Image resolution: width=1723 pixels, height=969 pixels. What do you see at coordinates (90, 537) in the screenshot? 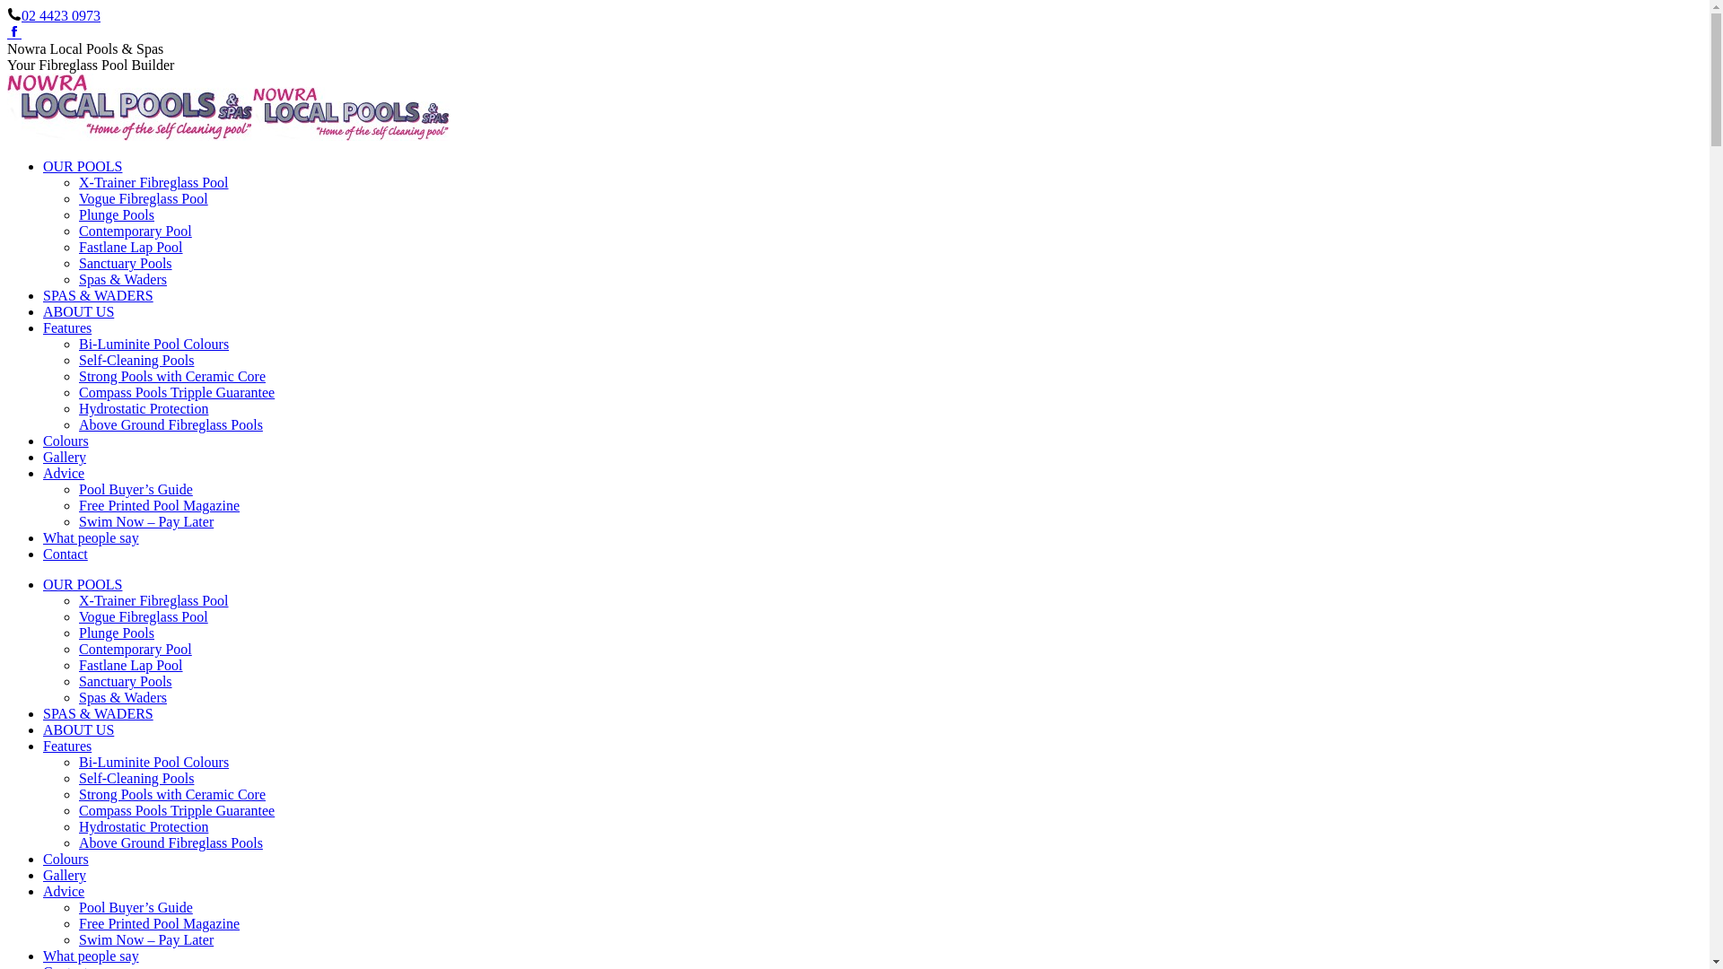
I see `'What people say'` at bounding box center [90, 537].